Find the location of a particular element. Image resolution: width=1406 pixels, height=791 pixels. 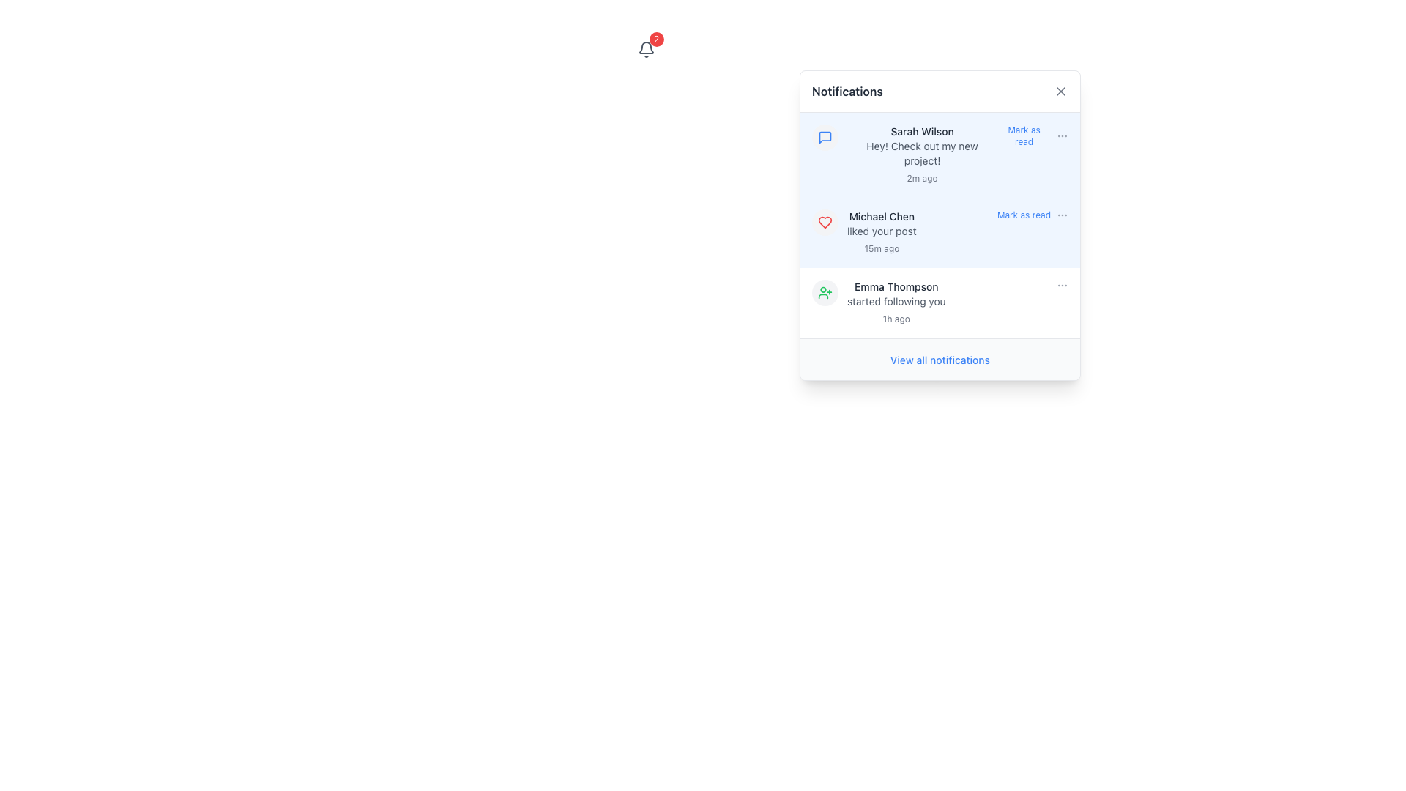

the text label displaying 'Emma Thompson started following you' in the notifications dropdown menu, which is positioned above the 'View all notifications' link is located at coordinates (896, 287).